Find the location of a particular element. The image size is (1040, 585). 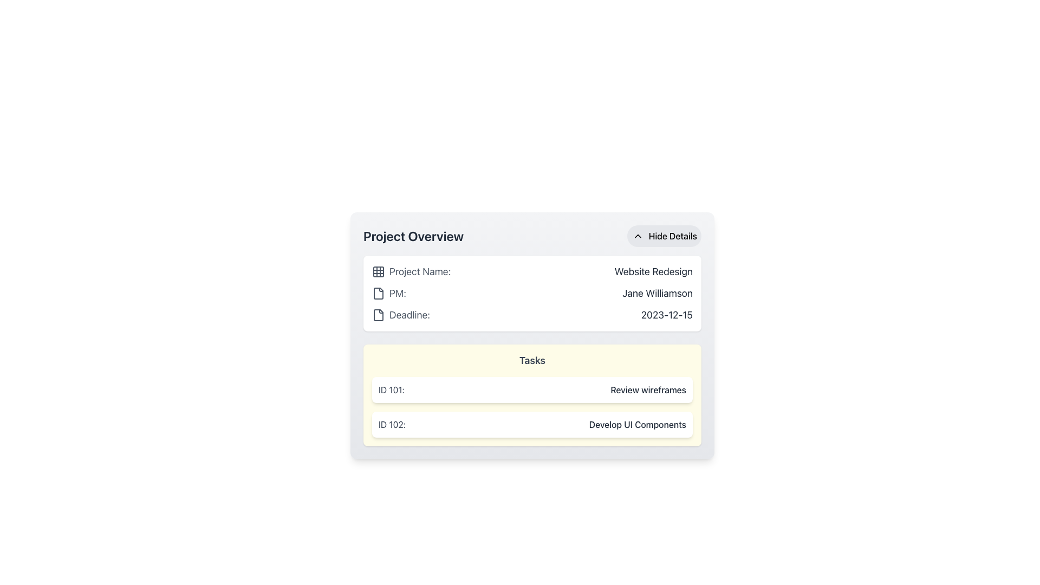

the non-interactive icon representing the PM section located to the left of the 'PM:' text in the 'Project Overview' section is located at coordinates (379, 294).